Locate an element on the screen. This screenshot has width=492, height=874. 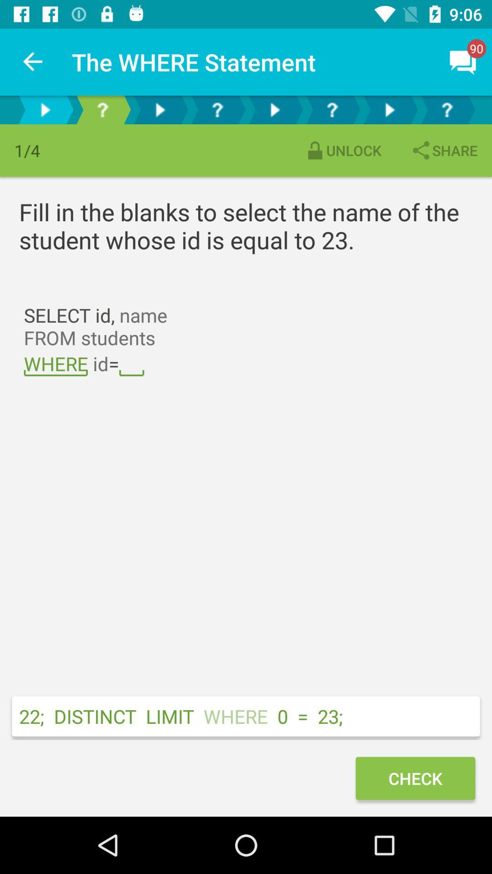
the play icon is located at coordinates (159, 109).